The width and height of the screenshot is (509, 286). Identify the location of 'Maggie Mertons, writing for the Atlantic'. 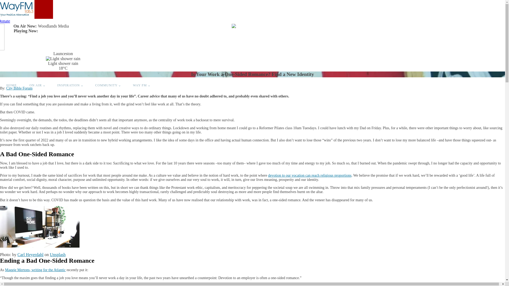
(35, 270).